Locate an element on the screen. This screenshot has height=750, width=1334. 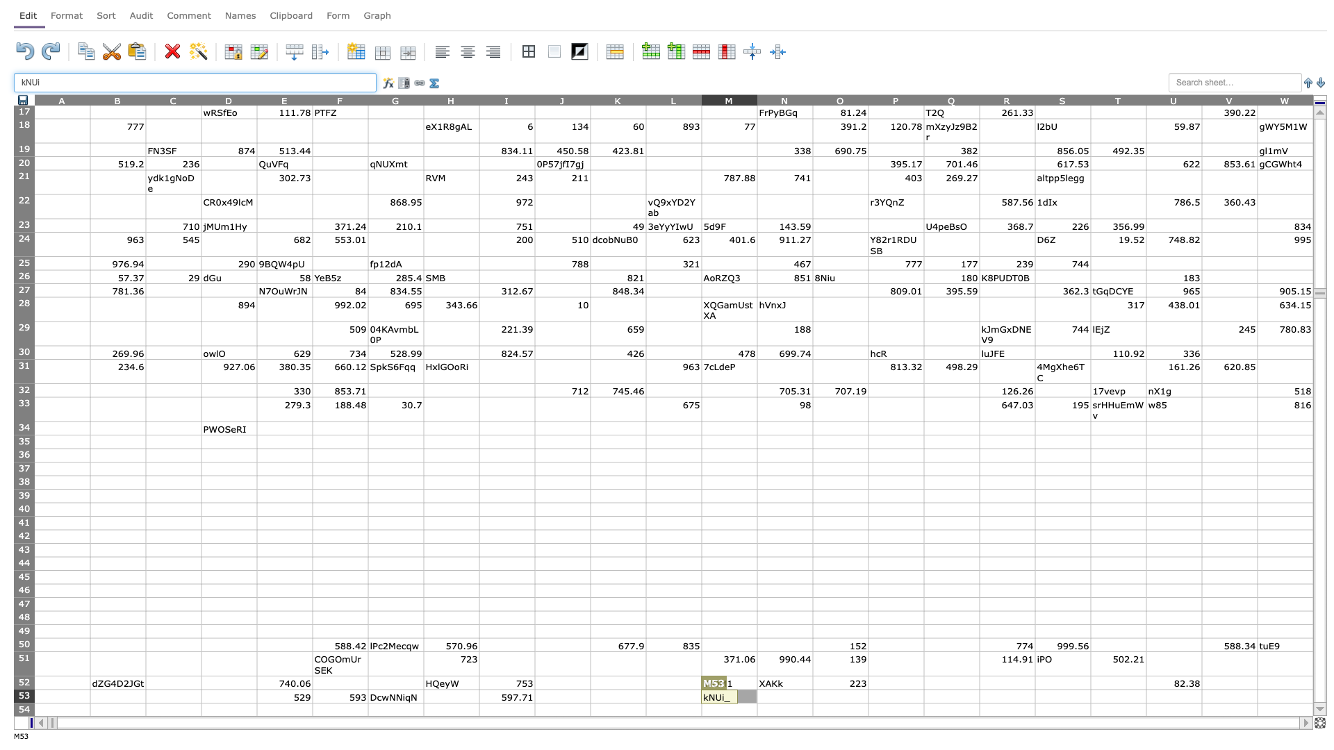
top left corner of N53 is located at coordinates (756, 689).